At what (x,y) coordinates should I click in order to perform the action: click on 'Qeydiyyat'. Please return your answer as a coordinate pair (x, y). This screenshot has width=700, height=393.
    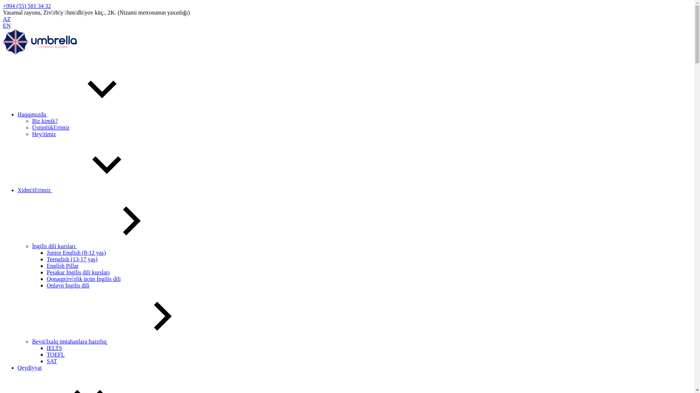
    Looking at the image, I should click on (29, 368).